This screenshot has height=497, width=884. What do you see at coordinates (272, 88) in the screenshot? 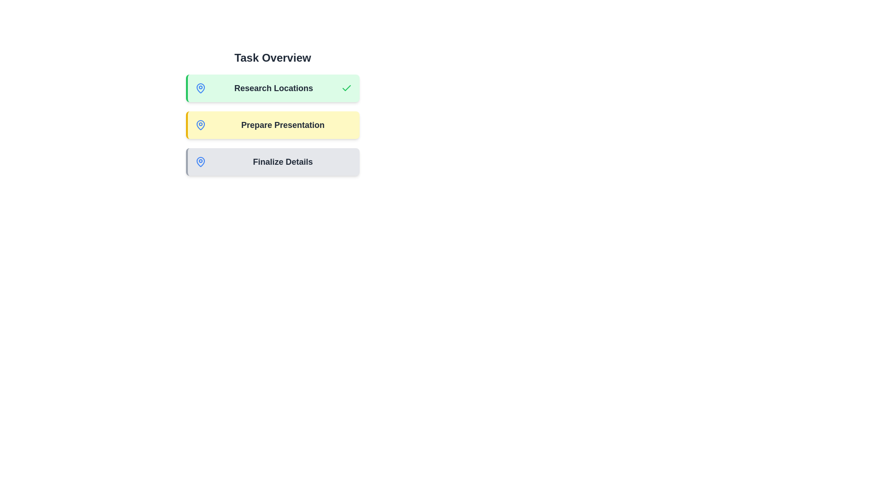
I see `the task chip corresponding to Research Locations` at bounding box center [272, 88].